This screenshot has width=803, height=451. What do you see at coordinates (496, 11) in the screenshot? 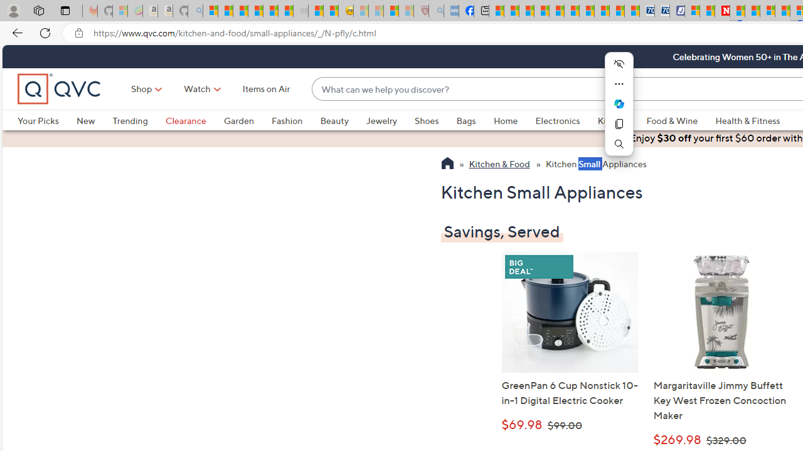
I see `'MSNBC - MSN'` at bounding box center [496, 11].